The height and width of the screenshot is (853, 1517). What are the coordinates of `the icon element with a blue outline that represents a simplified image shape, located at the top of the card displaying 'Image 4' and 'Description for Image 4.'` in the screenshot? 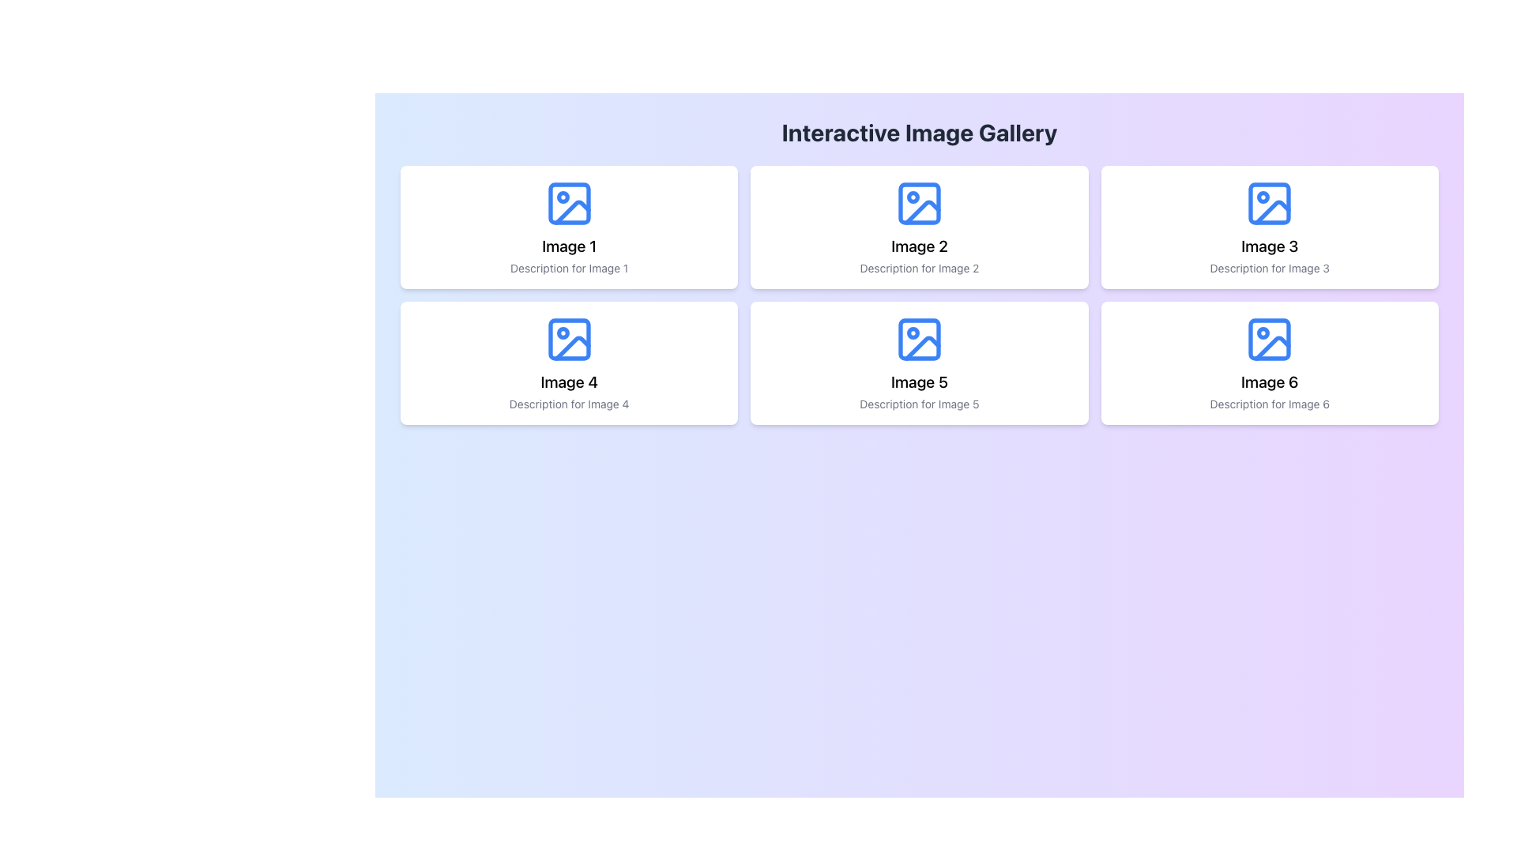 It's located at (569, 338).